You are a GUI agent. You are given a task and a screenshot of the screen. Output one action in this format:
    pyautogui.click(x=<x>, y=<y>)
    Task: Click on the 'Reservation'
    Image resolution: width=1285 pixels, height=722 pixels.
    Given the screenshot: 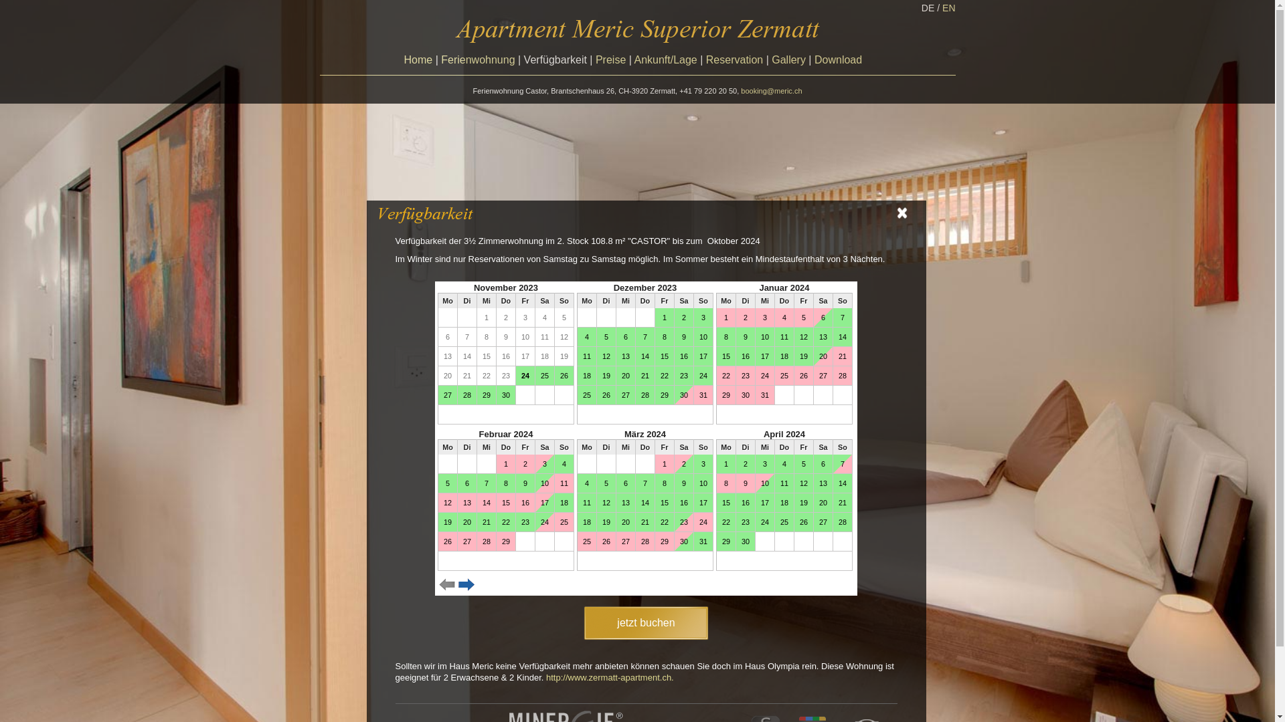 What is the action you would take?
    pyautogui.click(x=734, y=59)
    